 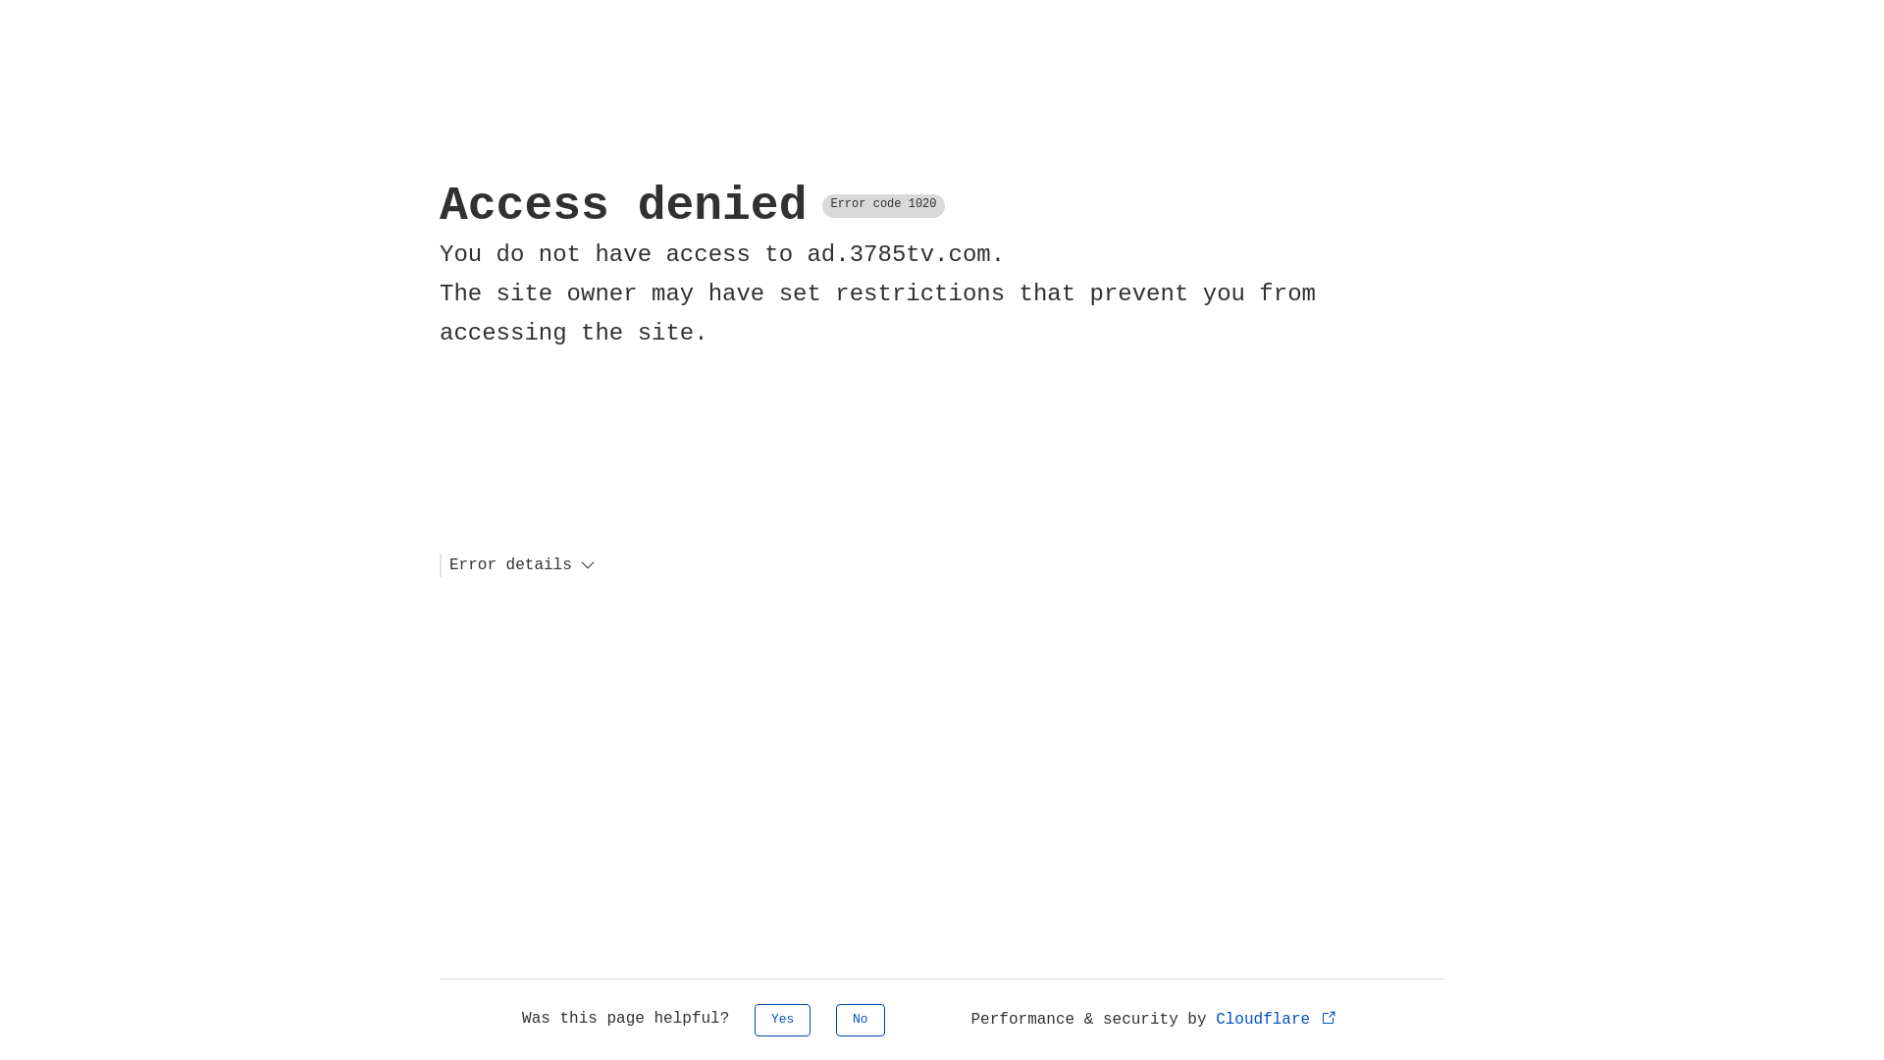 I want to click on 'Yes', so click(x=753, y=1019).